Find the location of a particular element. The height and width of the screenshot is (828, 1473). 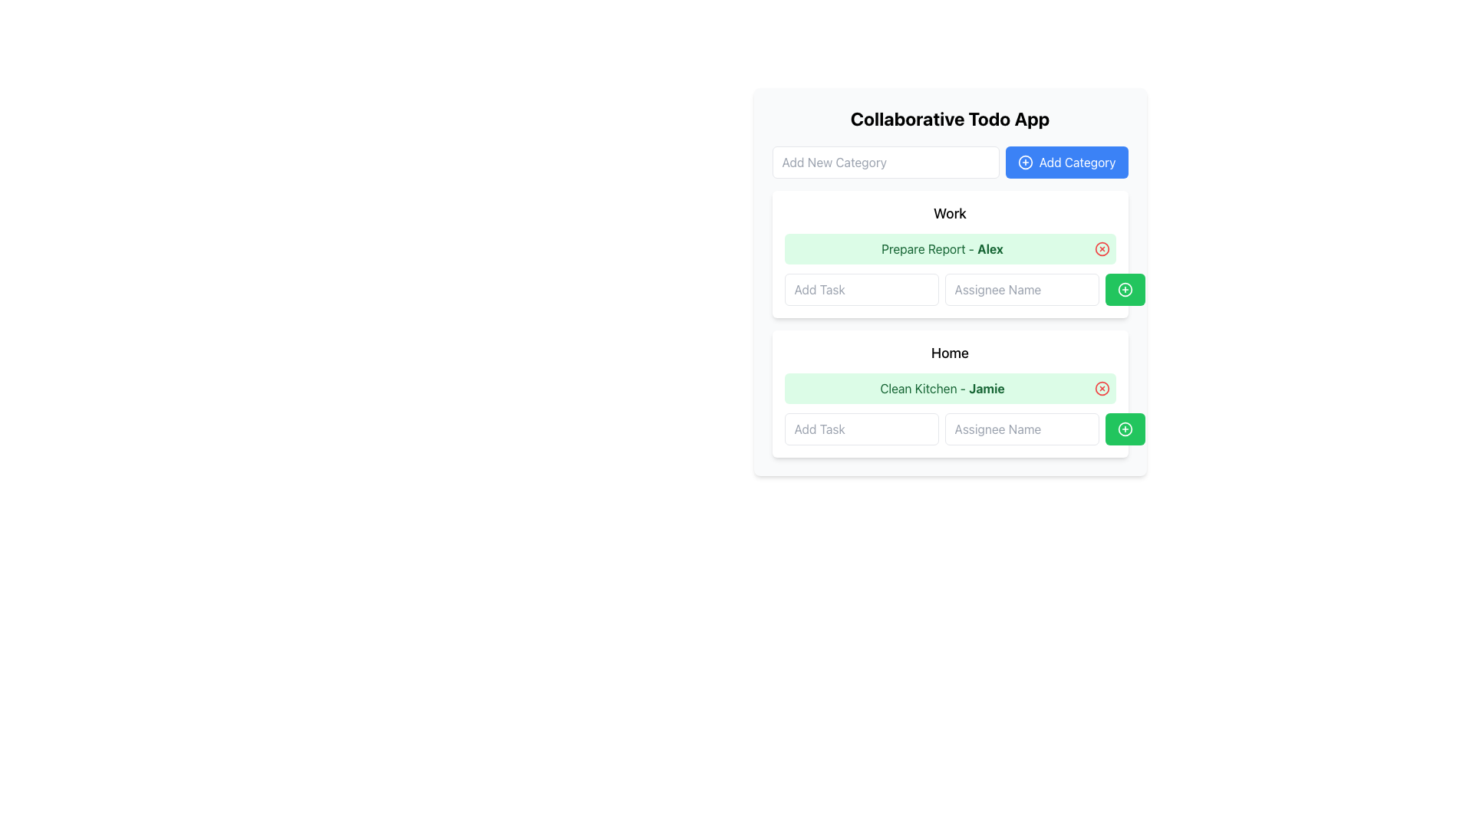

the text label displaying the assignee's name 'Alex' for the task 'Prepare Report' located in the 'Work' task section is located at coordinates (990, 248).